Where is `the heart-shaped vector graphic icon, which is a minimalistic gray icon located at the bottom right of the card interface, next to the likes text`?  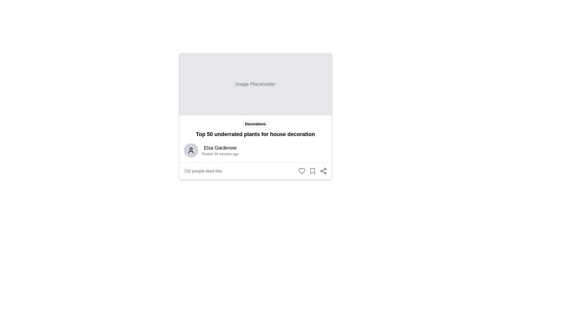
the heart-shaped vector graphic icon, which is a minimalistic gray icon located at the bottom right of the card interface, next to the likes text is located at coordinates (302, 171).